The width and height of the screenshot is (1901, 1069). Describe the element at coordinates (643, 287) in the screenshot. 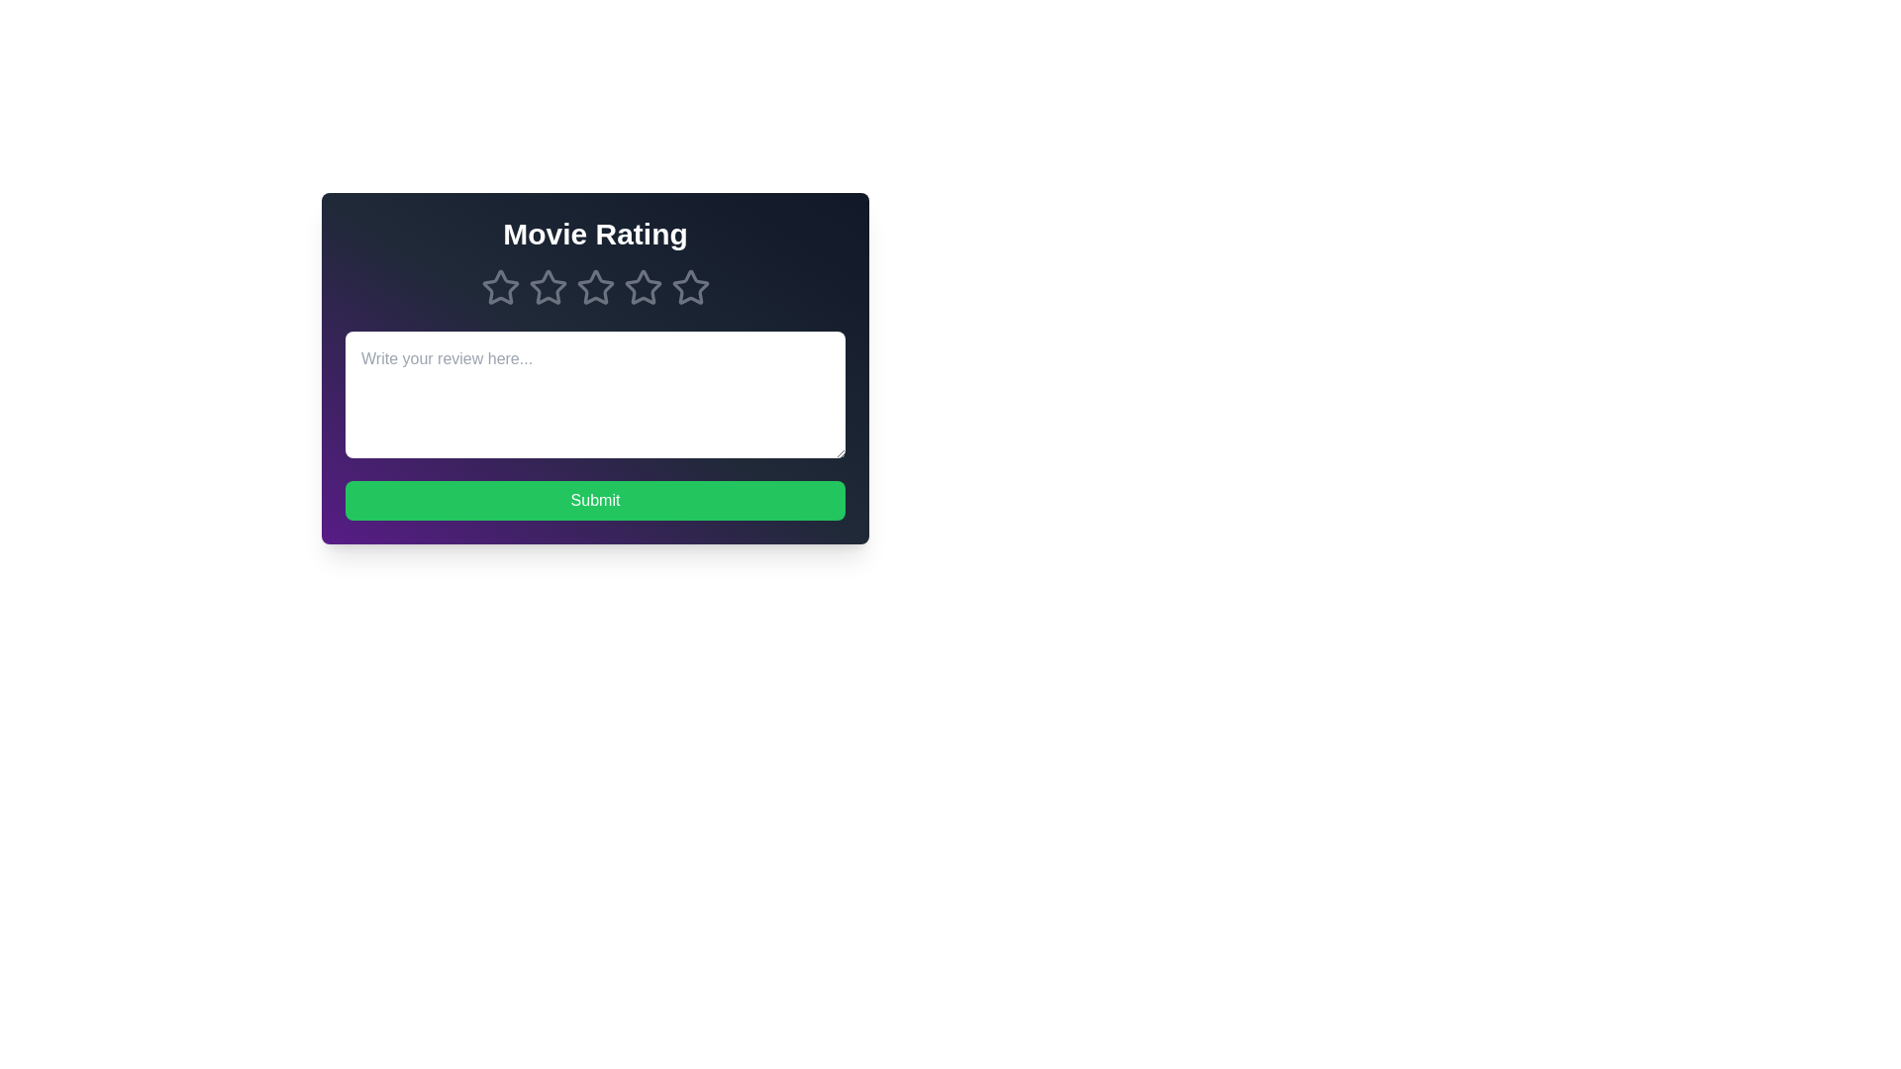

I see `the star corresponding to 4 stars to preview the rating` at that location.